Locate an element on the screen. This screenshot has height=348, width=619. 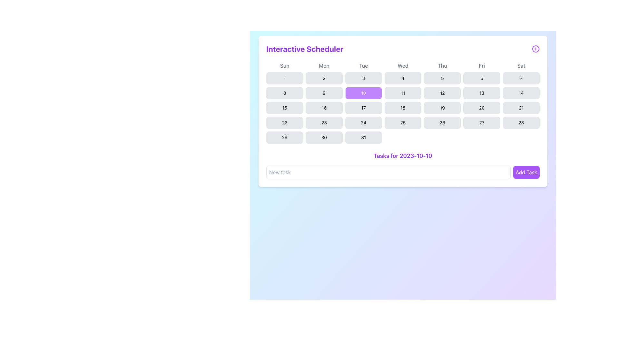
the rounded rectangular button with a gray background and centered black text displaying the number '3' is located at coordinates (363, 78).